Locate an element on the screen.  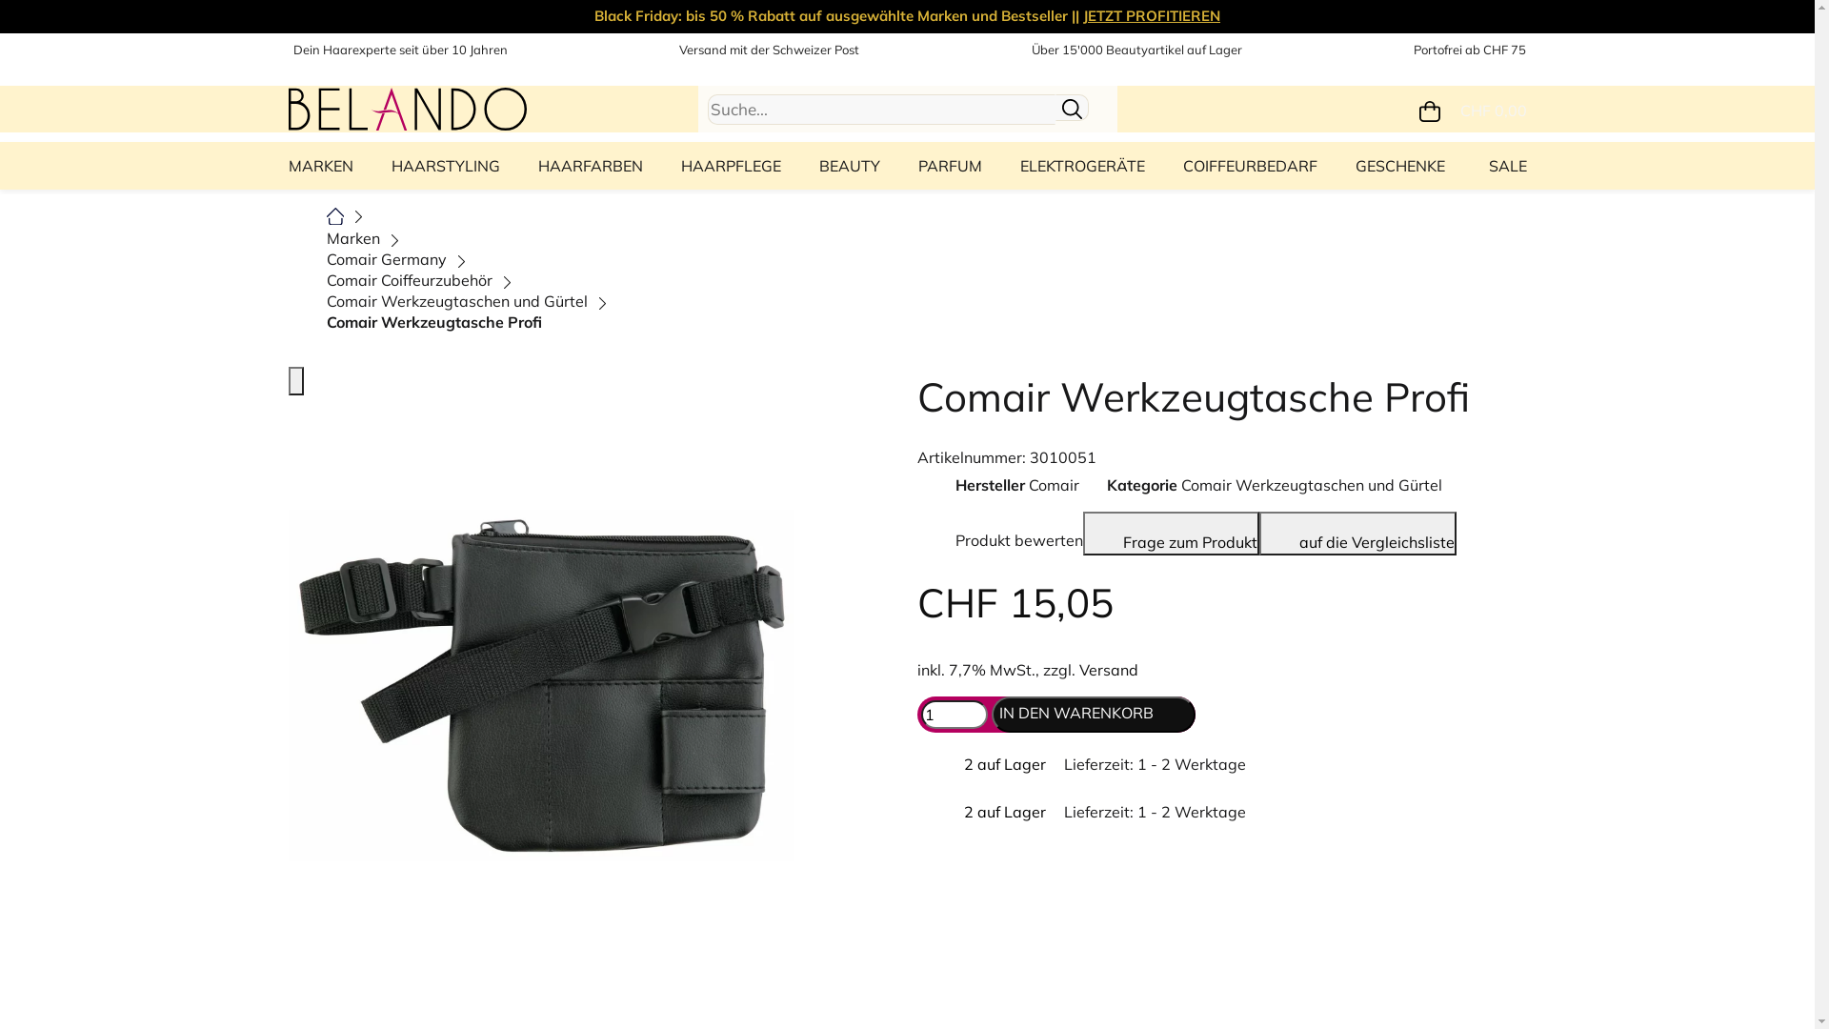
'COIFFEURBEDARF' is located at coordinates (1250, 164).